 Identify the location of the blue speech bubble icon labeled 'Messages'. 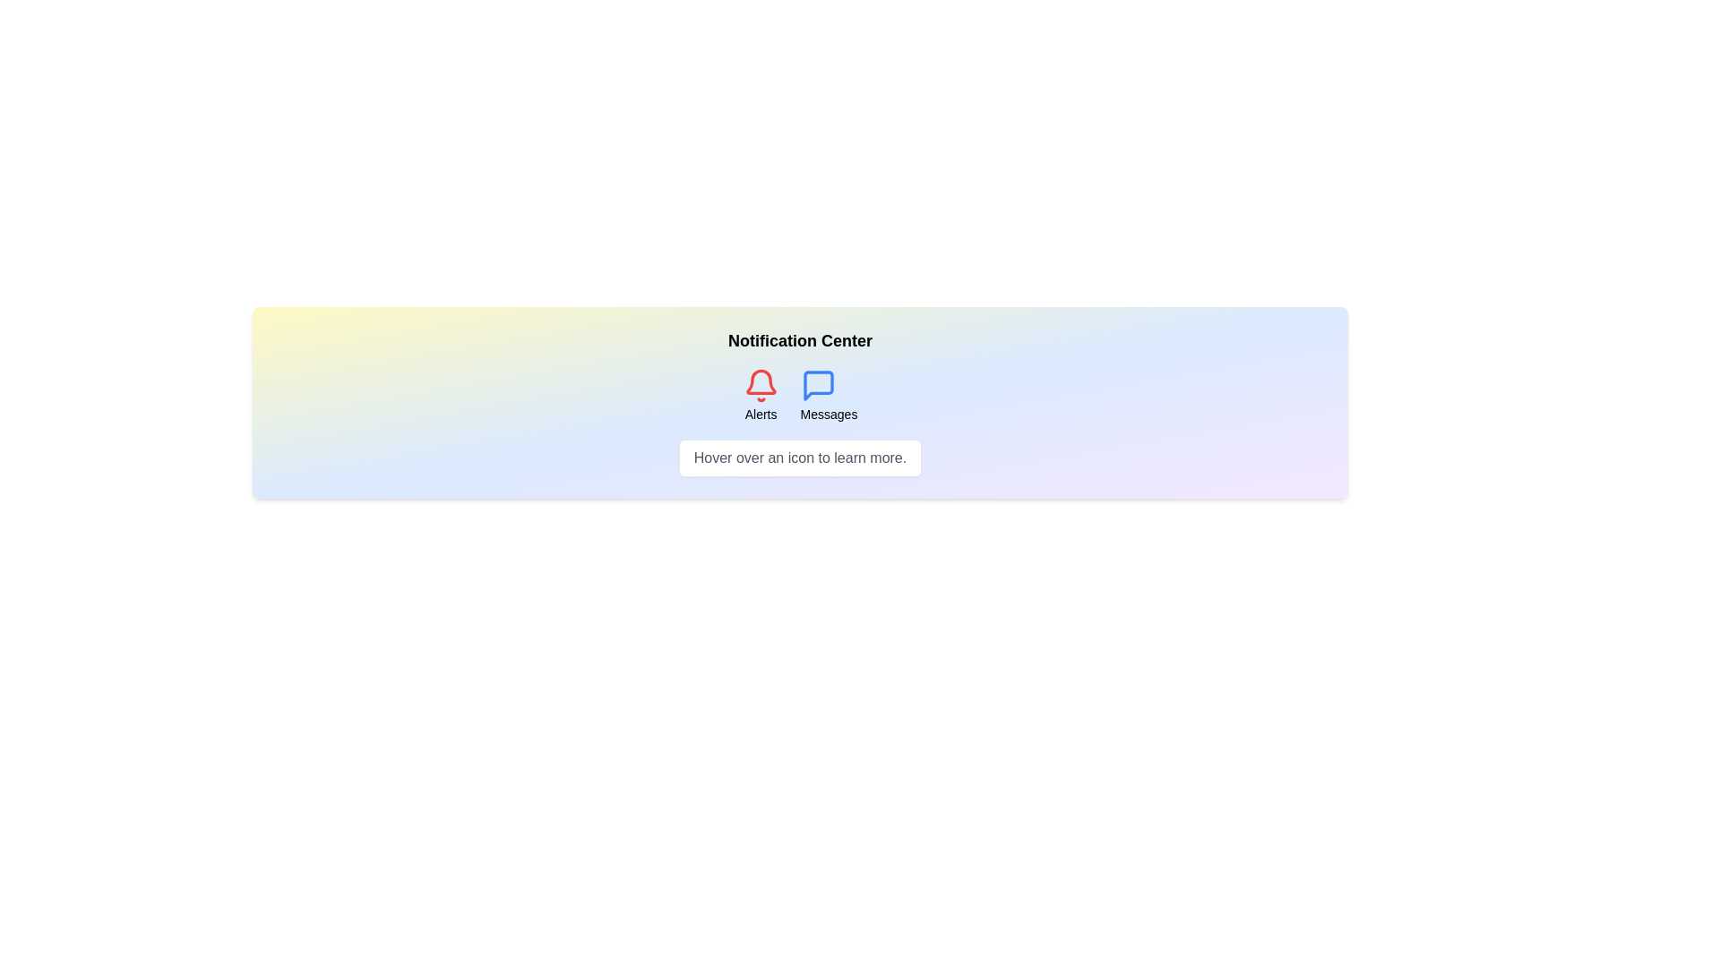
(828, 396).